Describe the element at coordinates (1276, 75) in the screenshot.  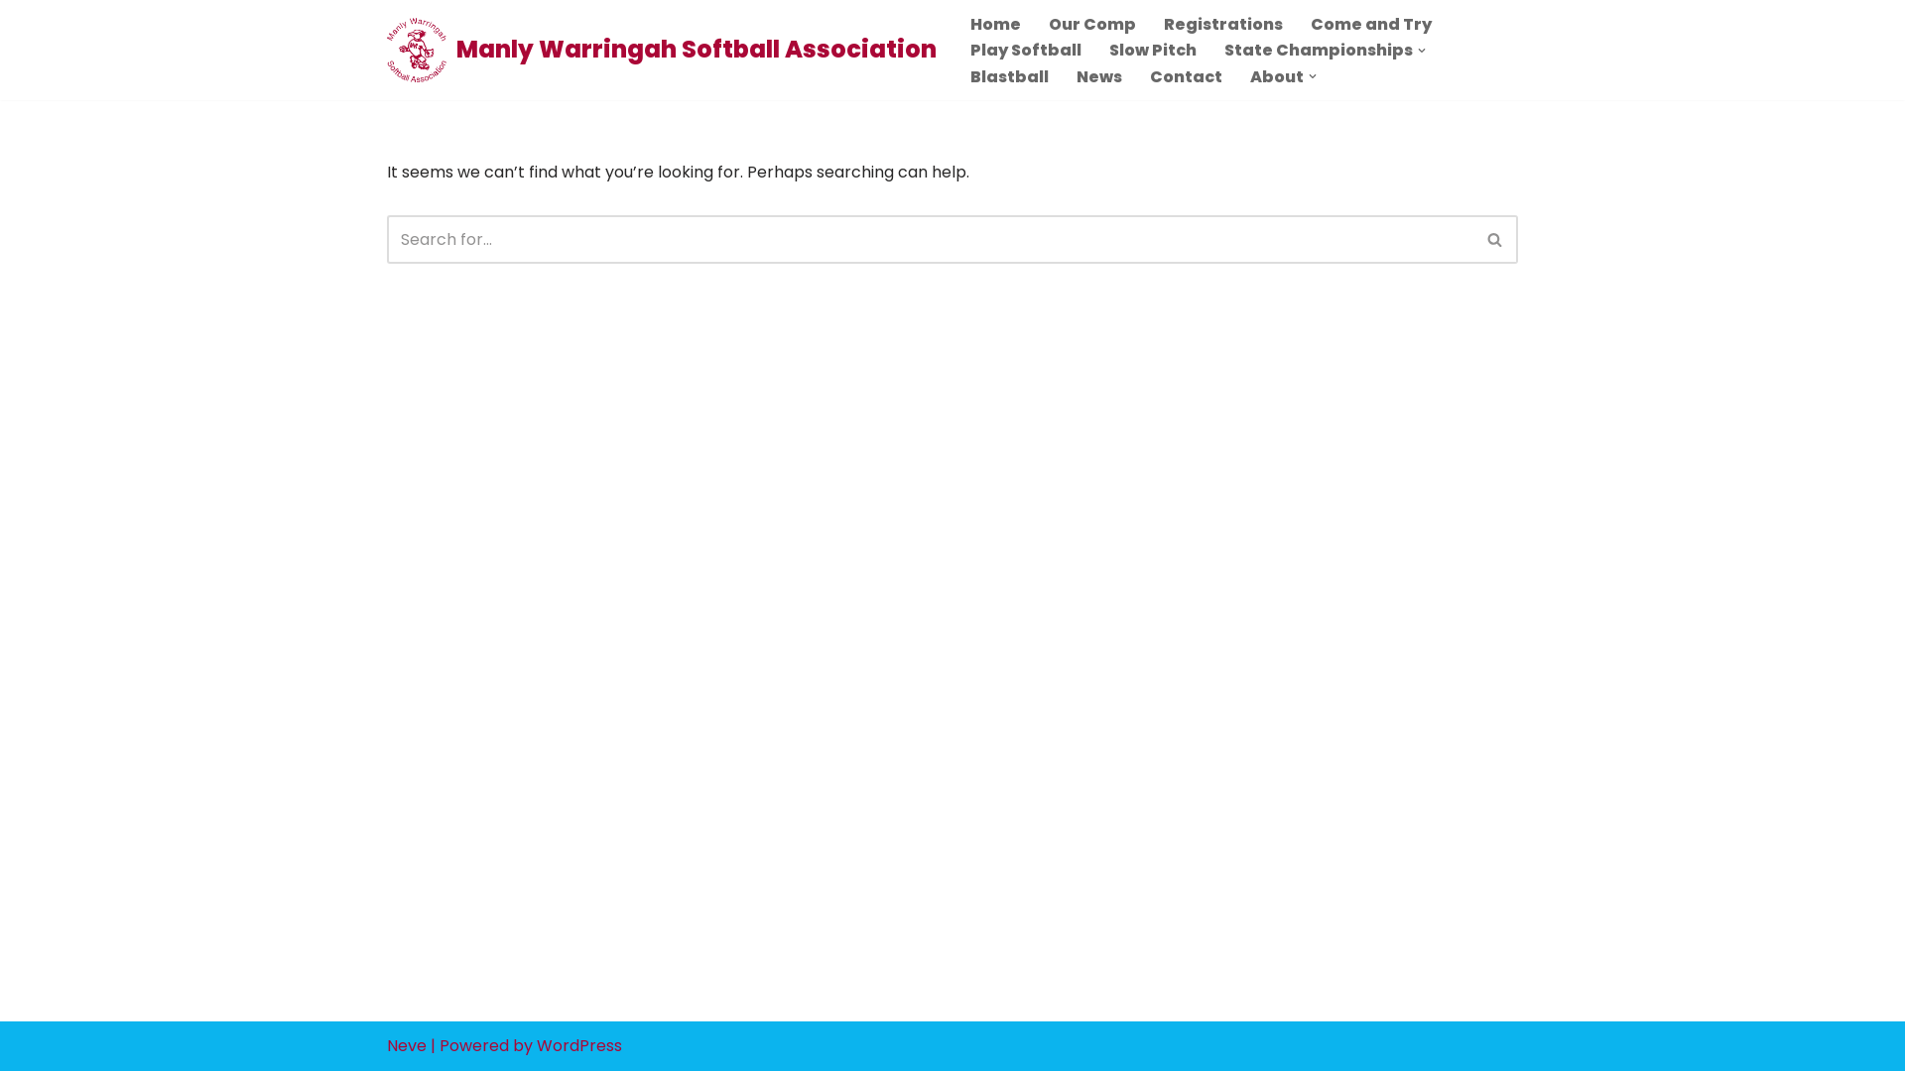
I see `'About'` at that location.